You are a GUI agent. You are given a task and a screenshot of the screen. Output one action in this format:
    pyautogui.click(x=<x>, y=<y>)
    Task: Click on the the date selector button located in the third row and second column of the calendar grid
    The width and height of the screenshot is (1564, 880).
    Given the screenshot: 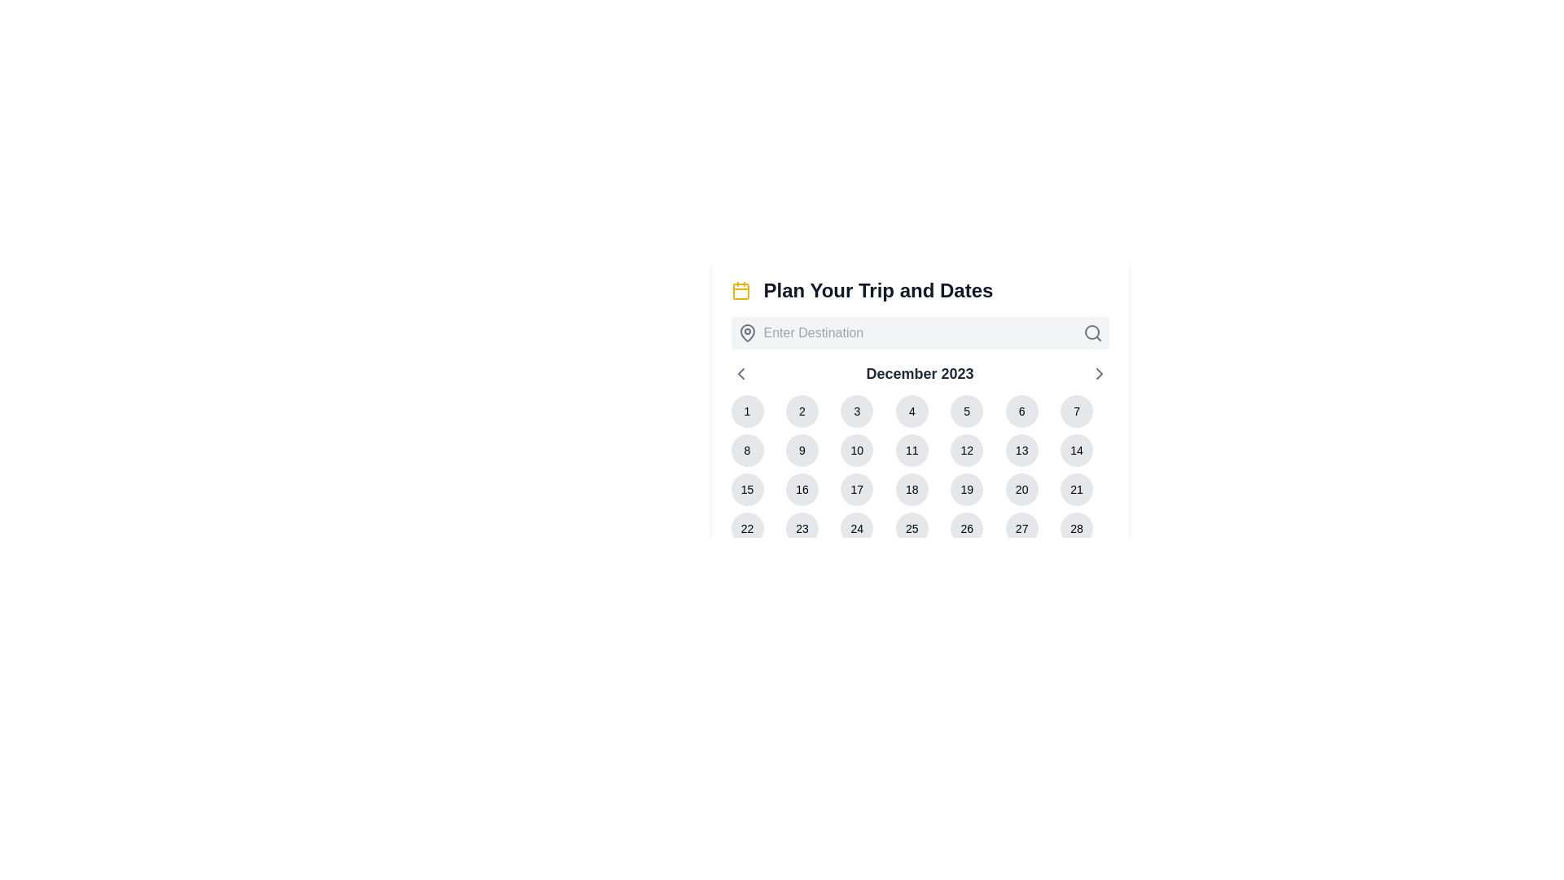 What is the action you would take?
    pyautogui.click(x=802, y=489)
    